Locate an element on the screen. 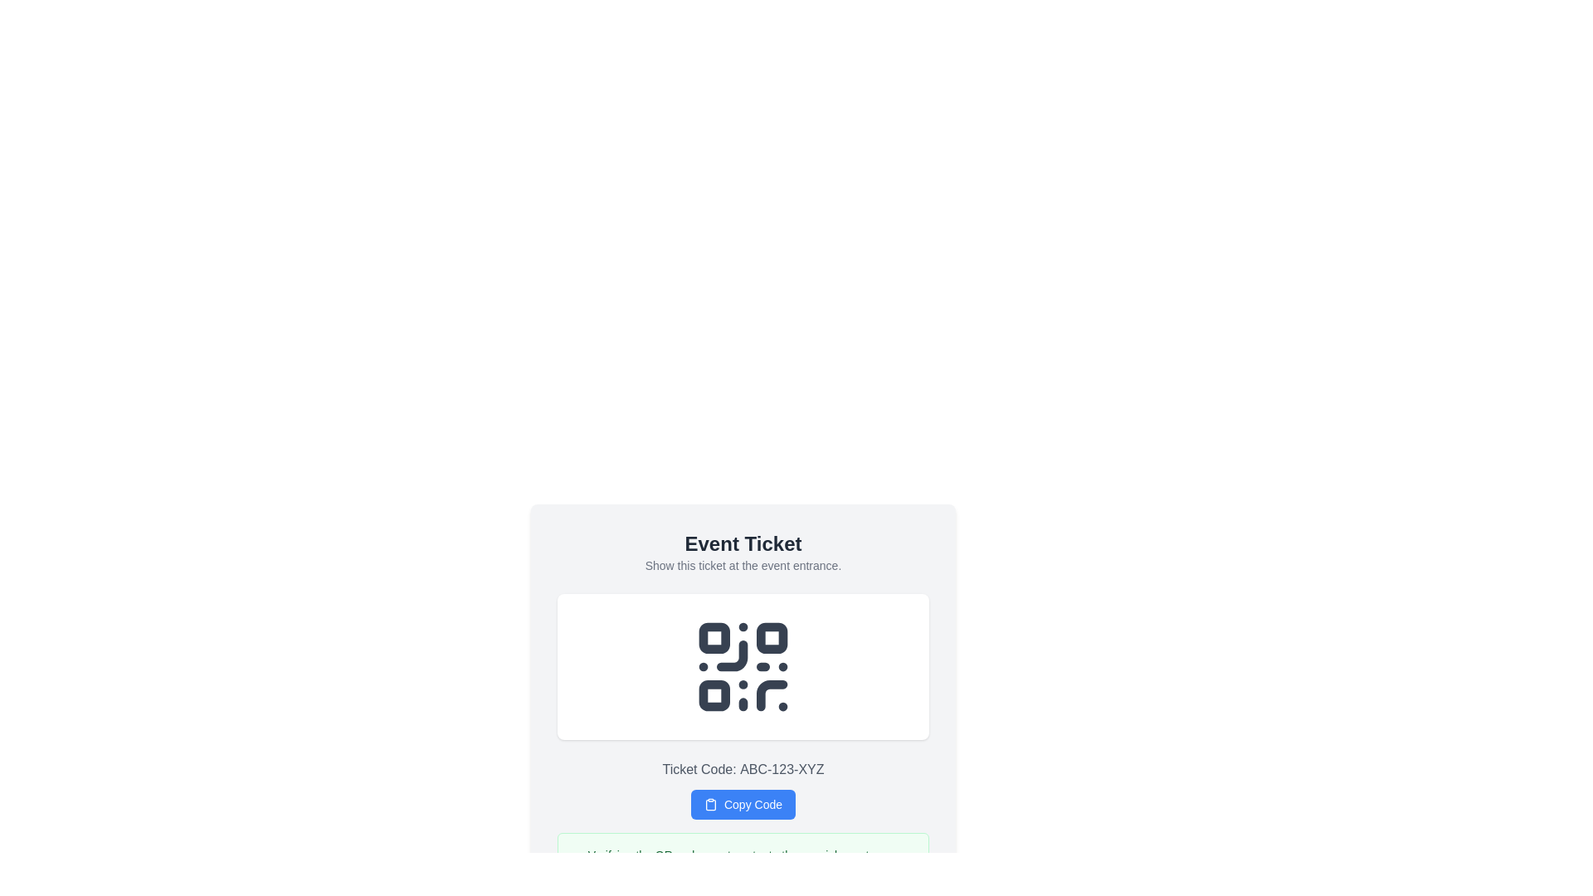 This screenshot has width=1593, height=896. the graphic element located in the top-right corner of the QR code, specifically the second square from the top-left among the smaller squares forming the QR code is located at coordinates (771, 637).